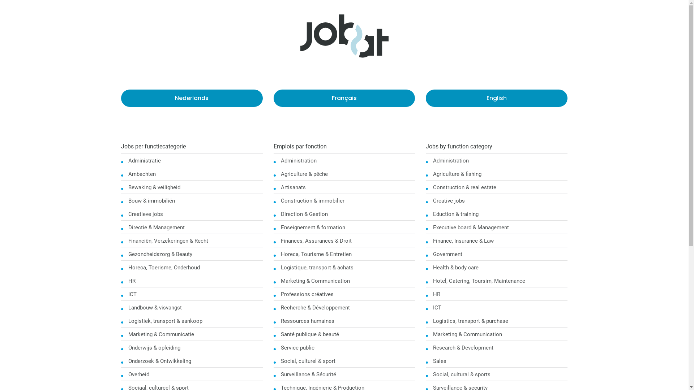  Describe the element at coordinates (439, 361) in the screenshot. I see `'Sales'` at that location.